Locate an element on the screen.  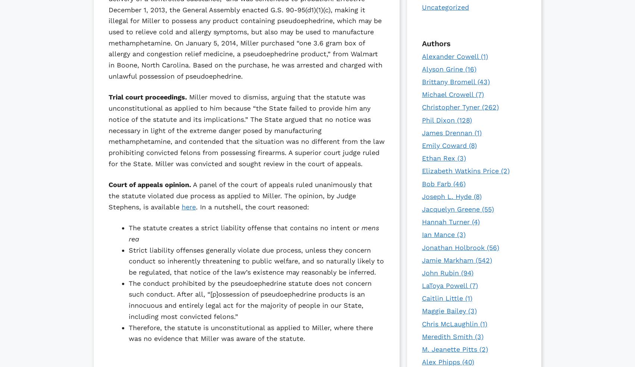
'Jonathan Holbrook' is located at coordinates (421, 247).